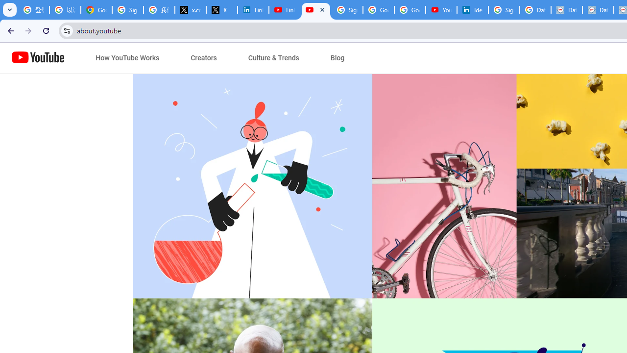 The height and width of the screenshot is (353, 627). Describe the element at coordinates (38, 58) in the screenshot. I see `'Home page link'` at that location.